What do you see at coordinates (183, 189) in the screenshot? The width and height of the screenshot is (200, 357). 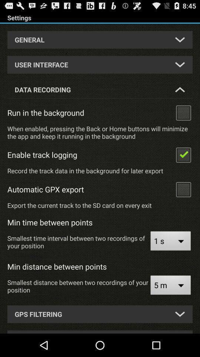 I see `click on the box` at bounding box center [183, 189].